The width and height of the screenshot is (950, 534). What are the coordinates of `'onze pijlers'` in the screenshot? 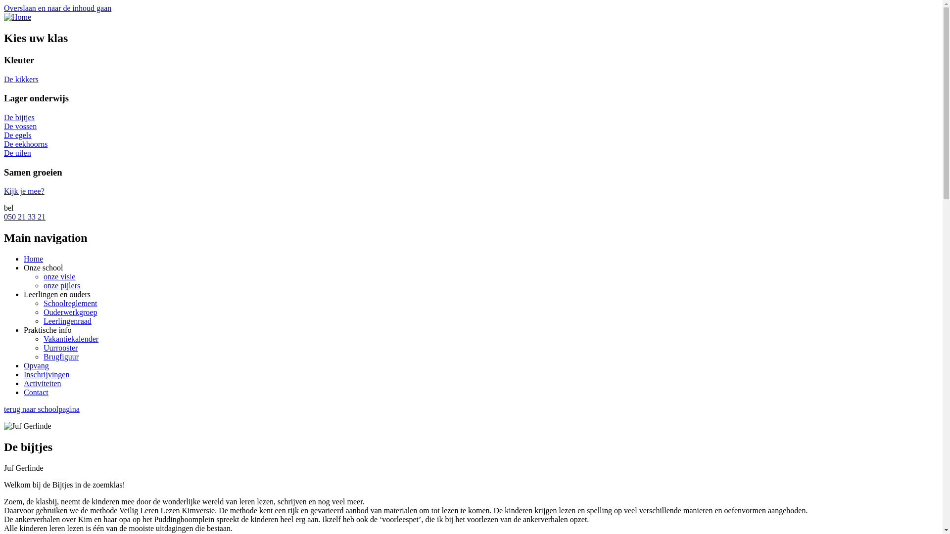 It's located at (61, 285).